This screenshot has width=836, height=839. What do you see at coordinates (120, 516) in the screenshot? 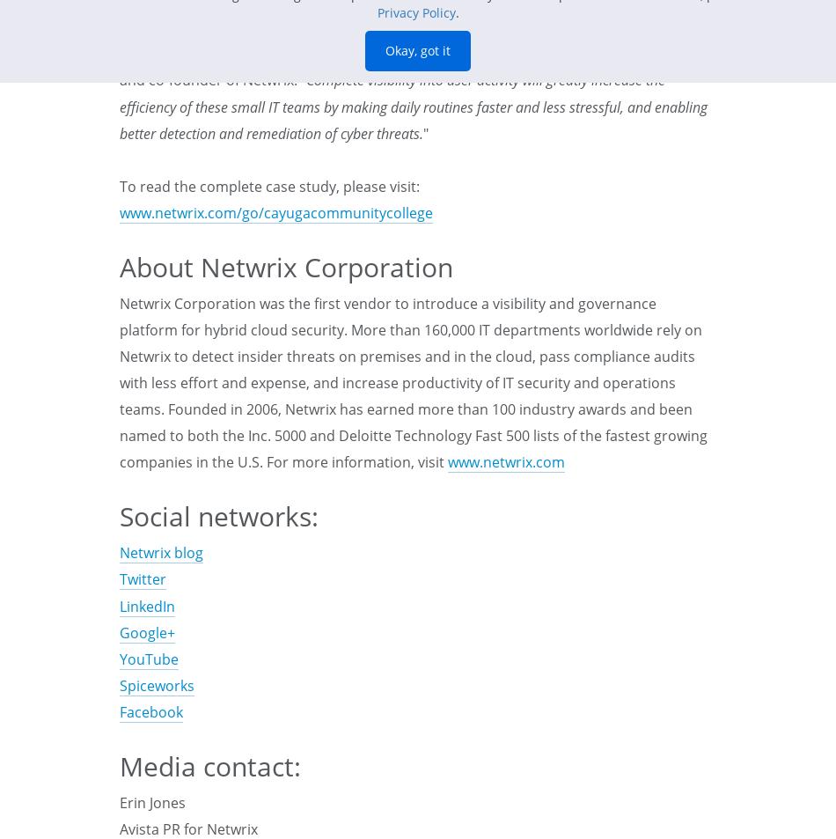
I see `'Social networks:'` at bounding box center [120, 516].